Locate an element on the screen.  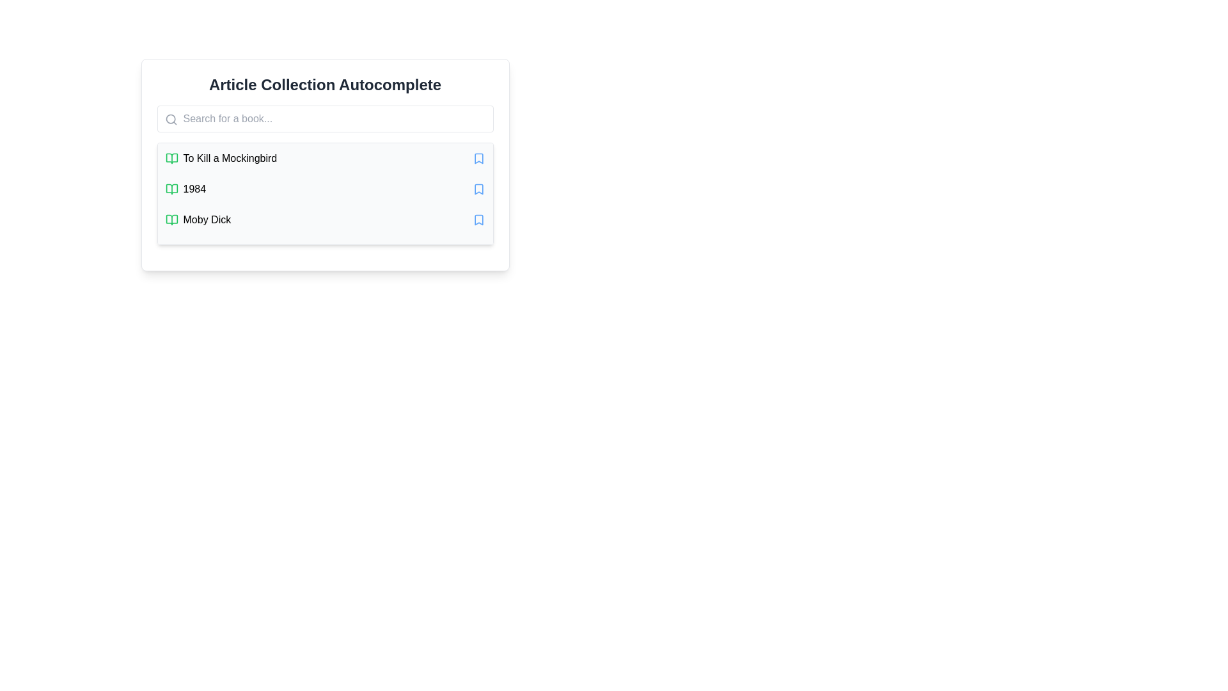
the text of the third entry in the 'Article Collection Autocomplete' section of the book search results list is located at coordinates (197, 219).